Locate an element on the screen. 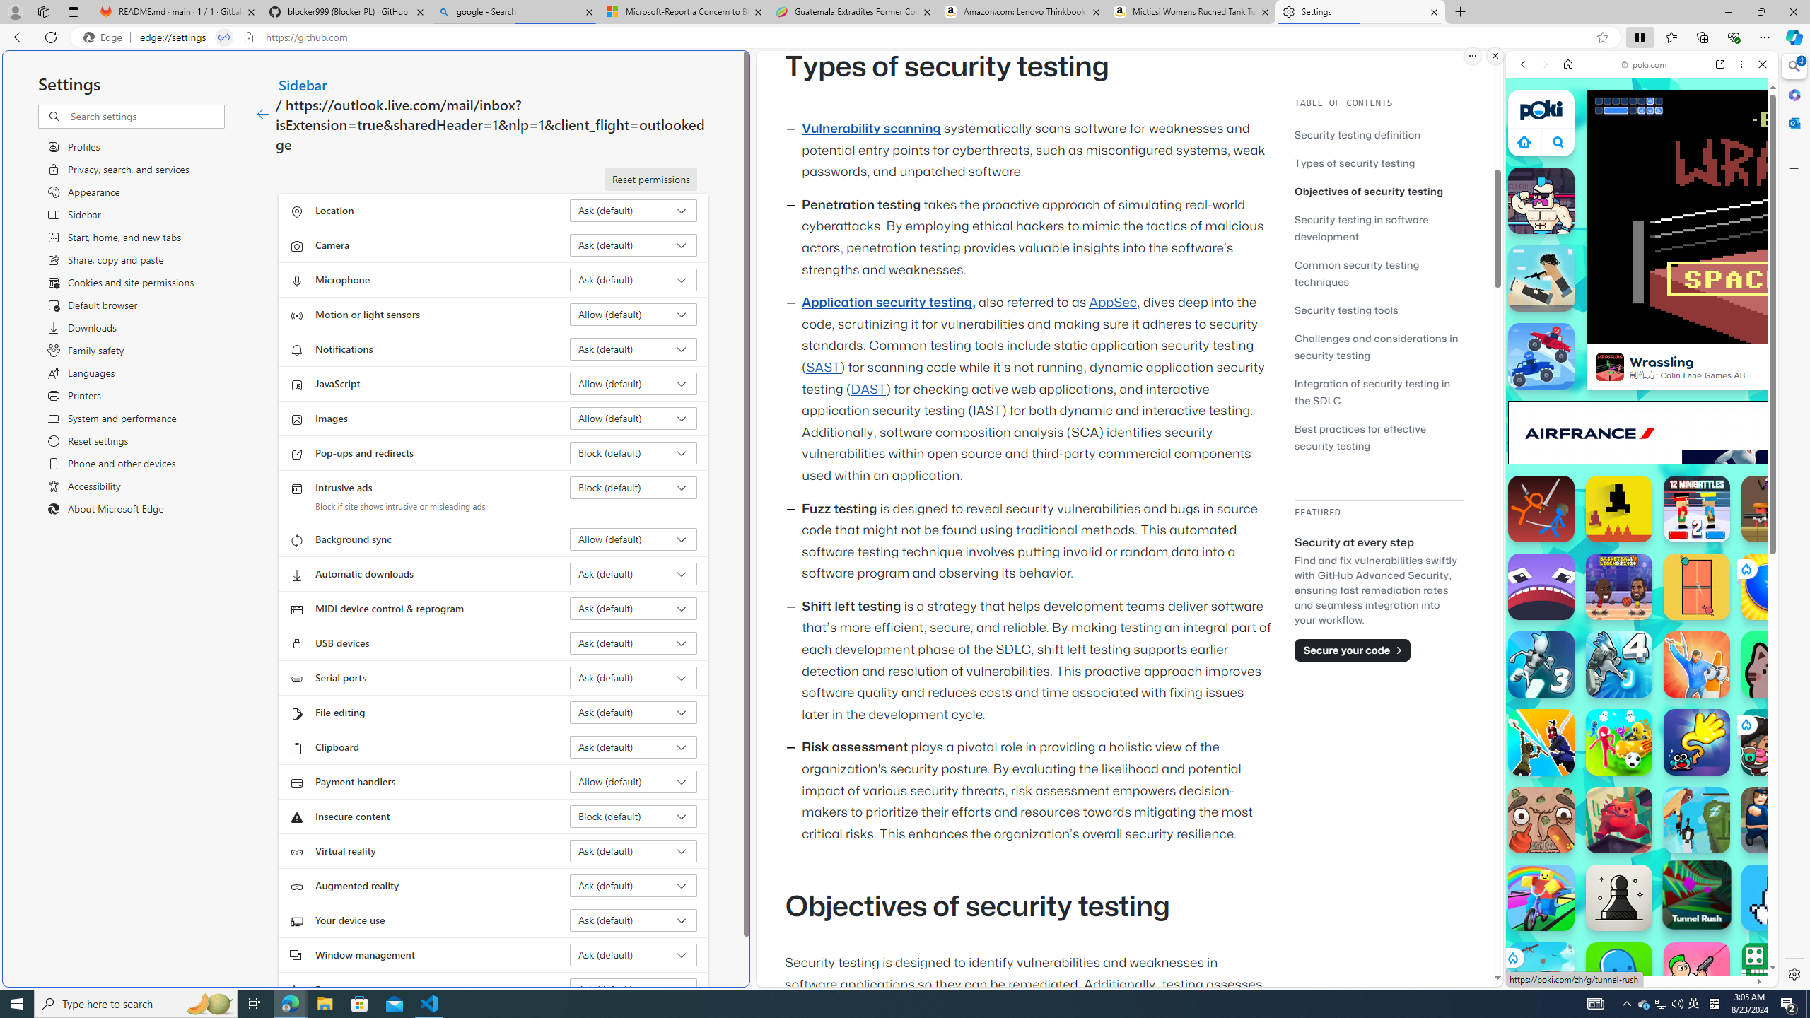 The height and width of the screenshot is (1018, 1810). 'G-Switch 3 G-Switch 3' is located at coordinates (1540, 663).